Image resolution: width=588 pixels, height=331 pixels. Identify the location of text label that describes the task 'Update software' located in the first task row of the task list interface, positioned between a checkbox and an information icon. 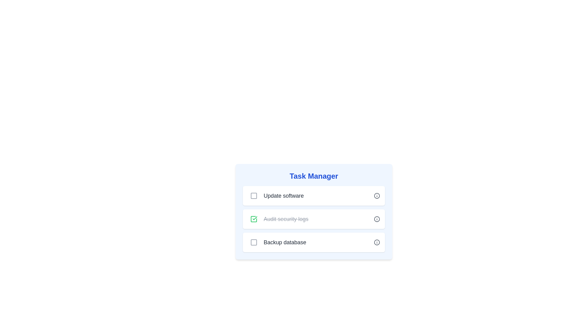
(283, 196).